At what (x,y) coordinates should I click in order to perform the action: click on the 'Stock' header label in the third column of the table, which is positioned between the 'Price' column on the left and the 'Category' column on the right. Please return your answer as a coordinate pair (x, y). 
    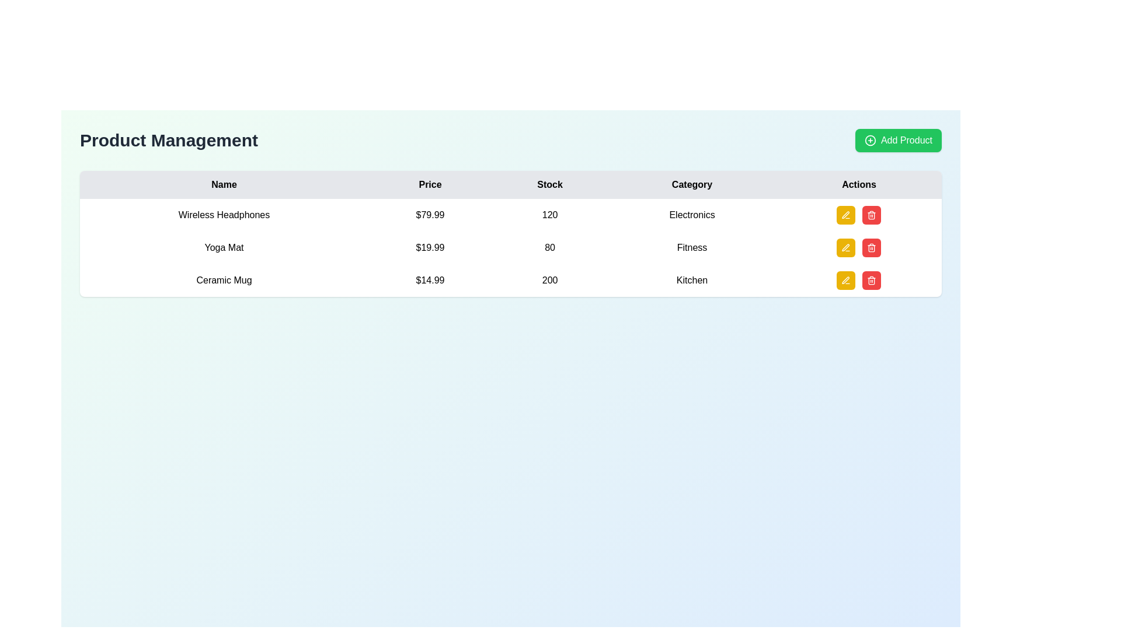
    Looking at the image, I should click on (549, 184).